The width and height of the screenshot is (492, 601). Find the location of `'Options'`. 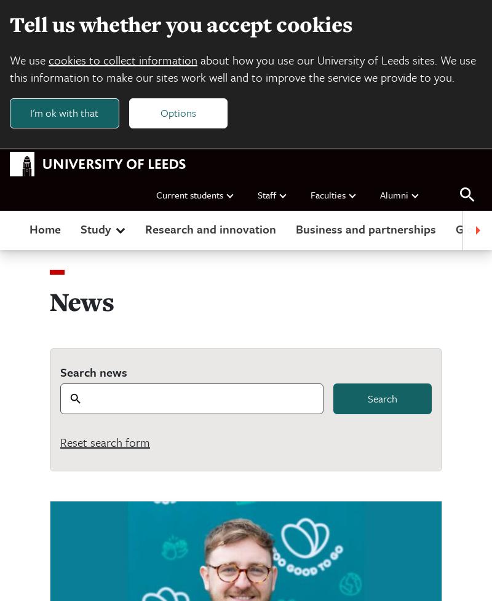

'Options' is located at coordinates (178, 112).